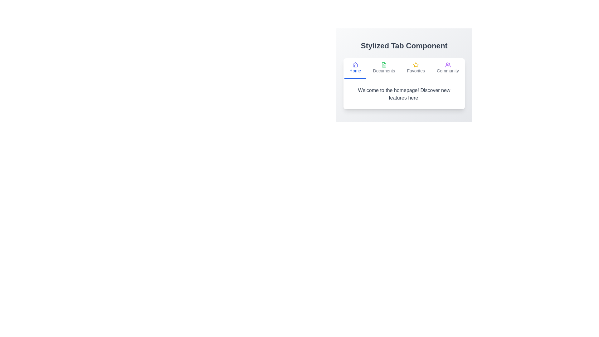 This screenshot has width=599, height=337. I want to click on the 'Home' tab label in the navigation bar to switch to the 'Home' content, so click(355, 71).